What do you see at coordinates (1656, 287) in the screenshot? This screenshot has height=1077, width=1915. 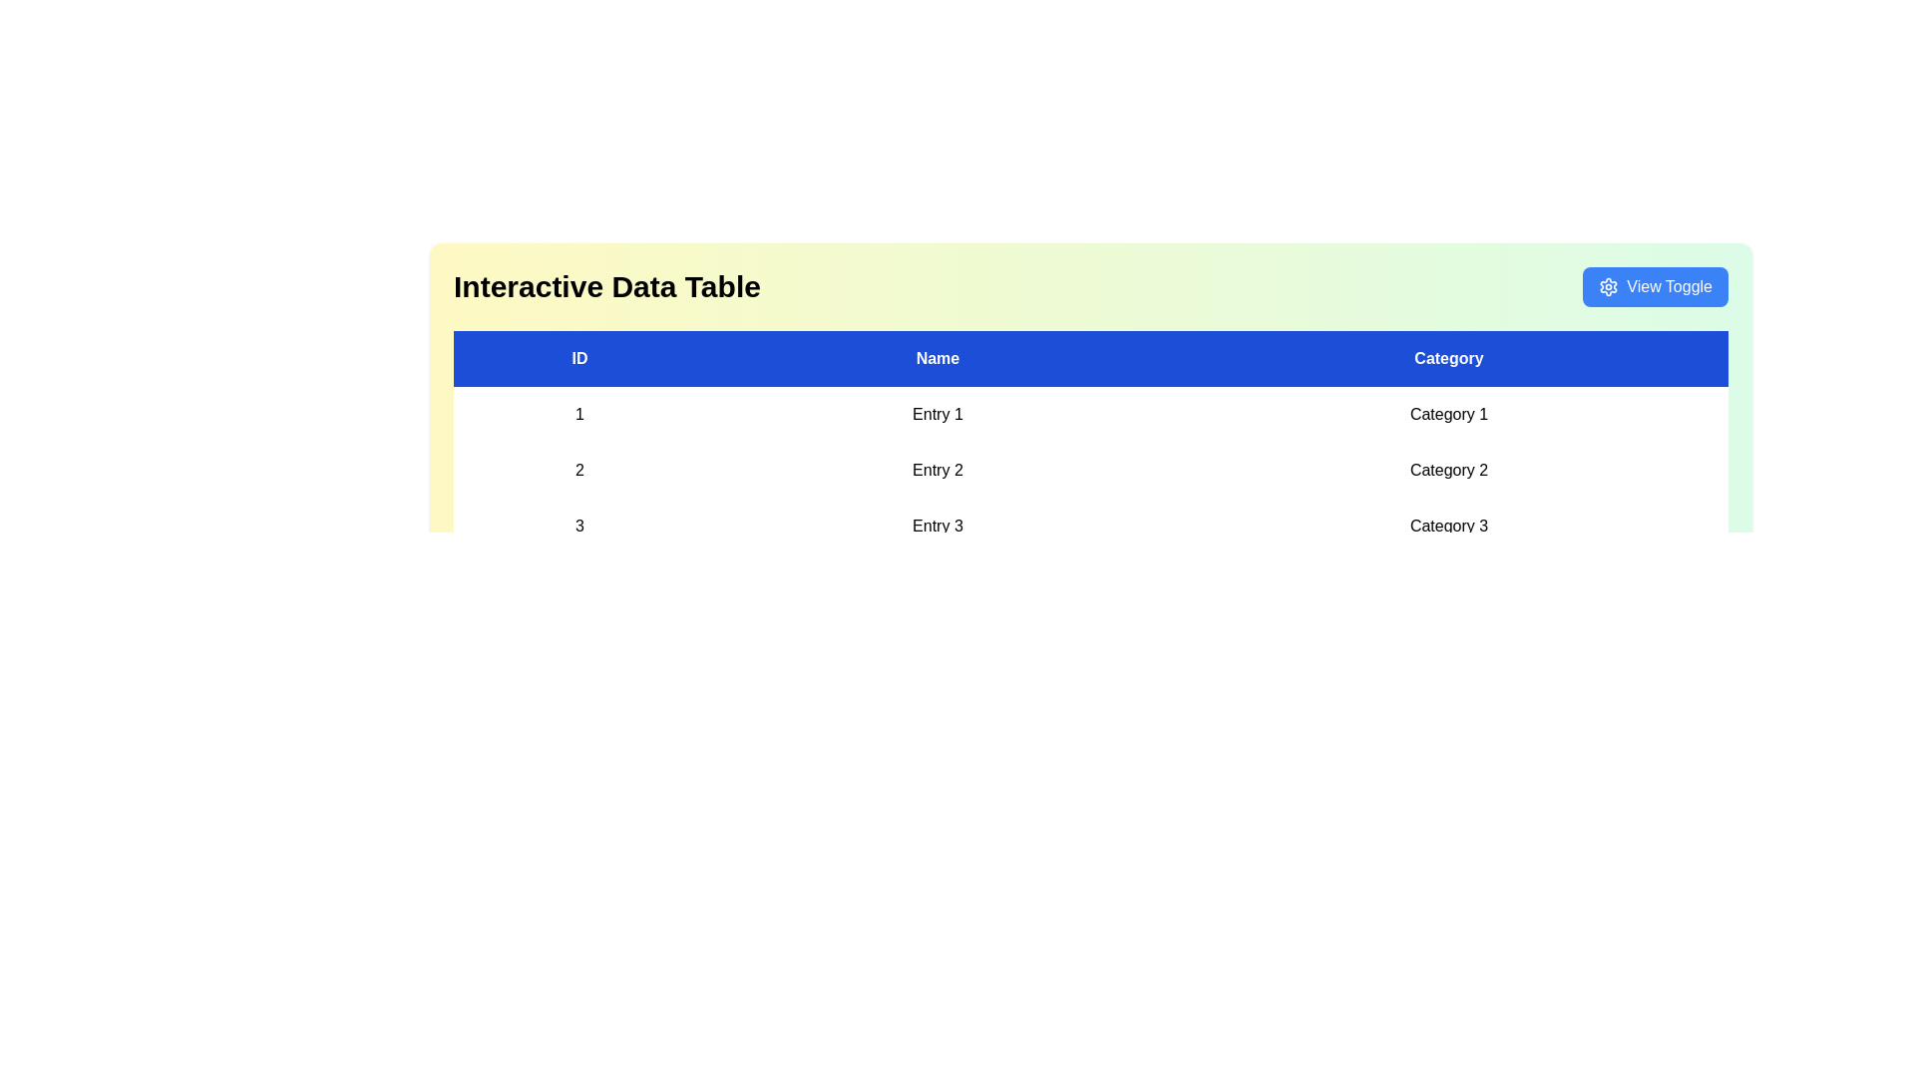 I see `the 'View Toggle' button to toggle the table view` at bounding box center [1656, 287].